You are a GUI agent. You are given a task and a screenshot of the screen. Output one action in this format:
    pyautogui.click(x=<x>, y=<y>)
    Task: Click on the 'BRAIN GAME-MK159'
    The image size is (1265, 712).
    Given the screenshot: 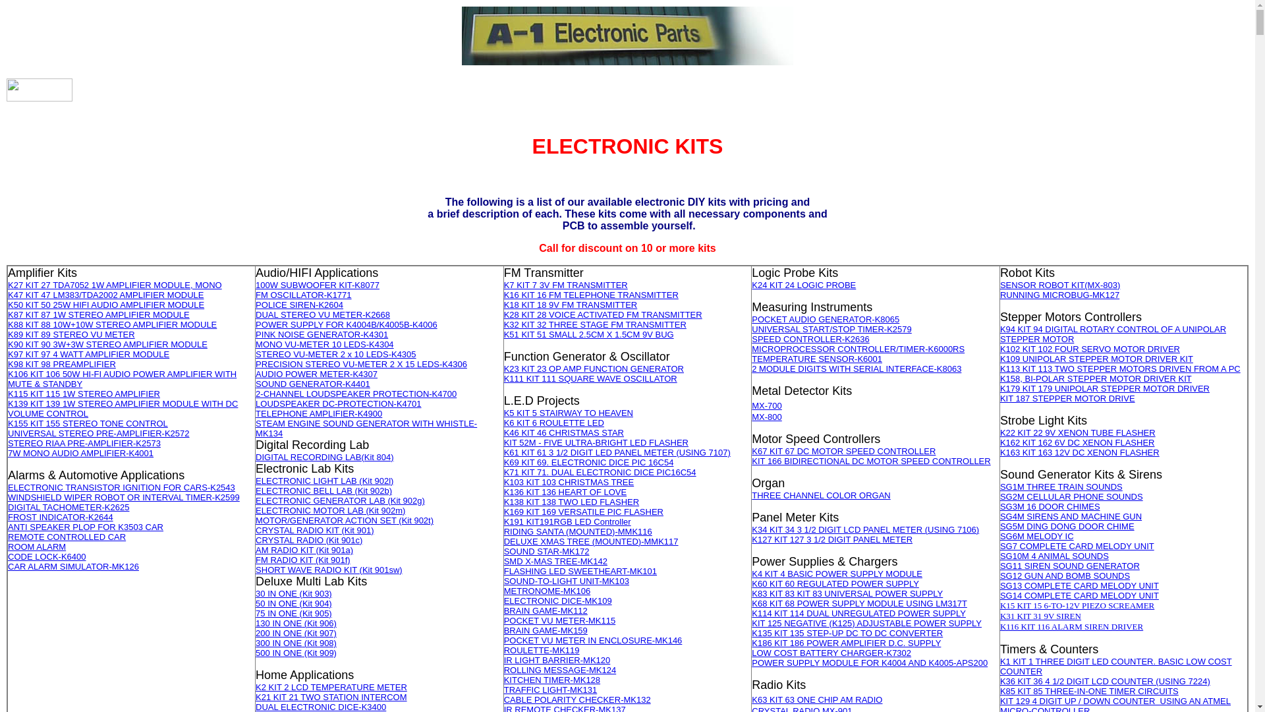 What is the action you would take?
    pyautogui.click(x=546, y=630)
    